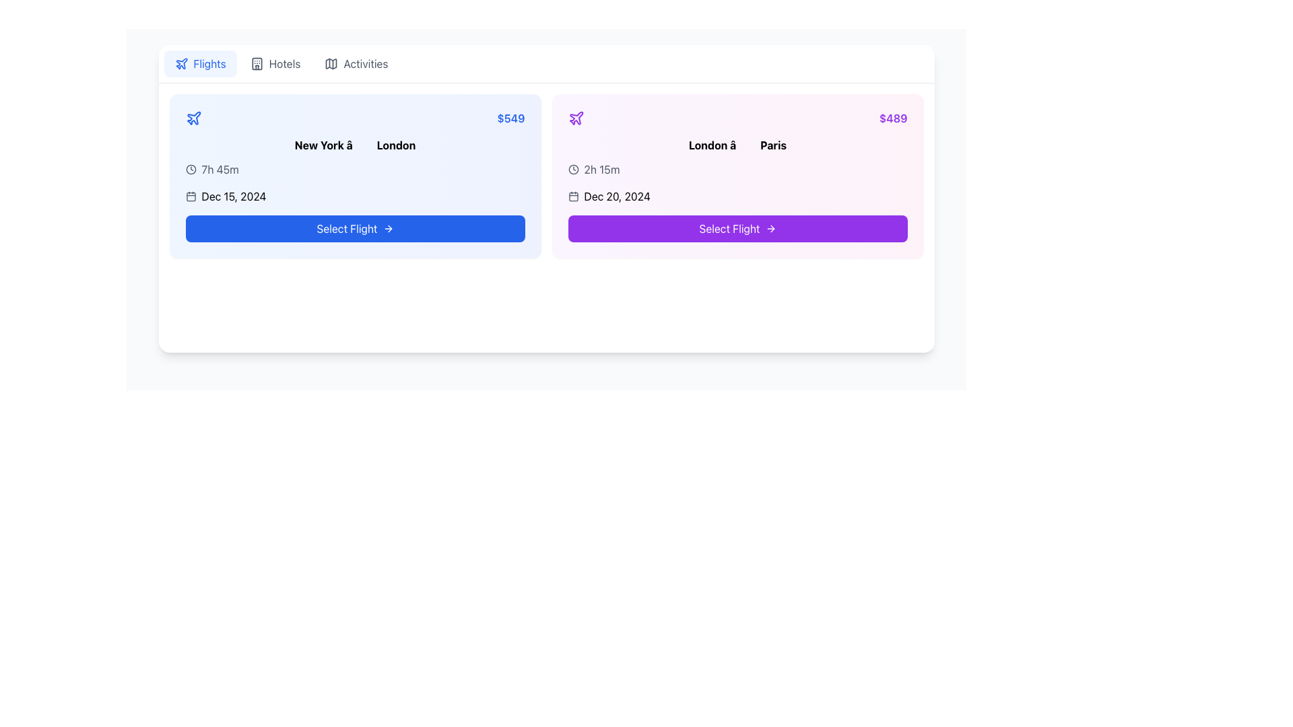 This screenshot has width=1293, height=727. I want to click on the 'Activities' text label in the top navigation bar, which is displayed in gray font and positioned between 'Hotels' and an empty space, so click(366, 64).